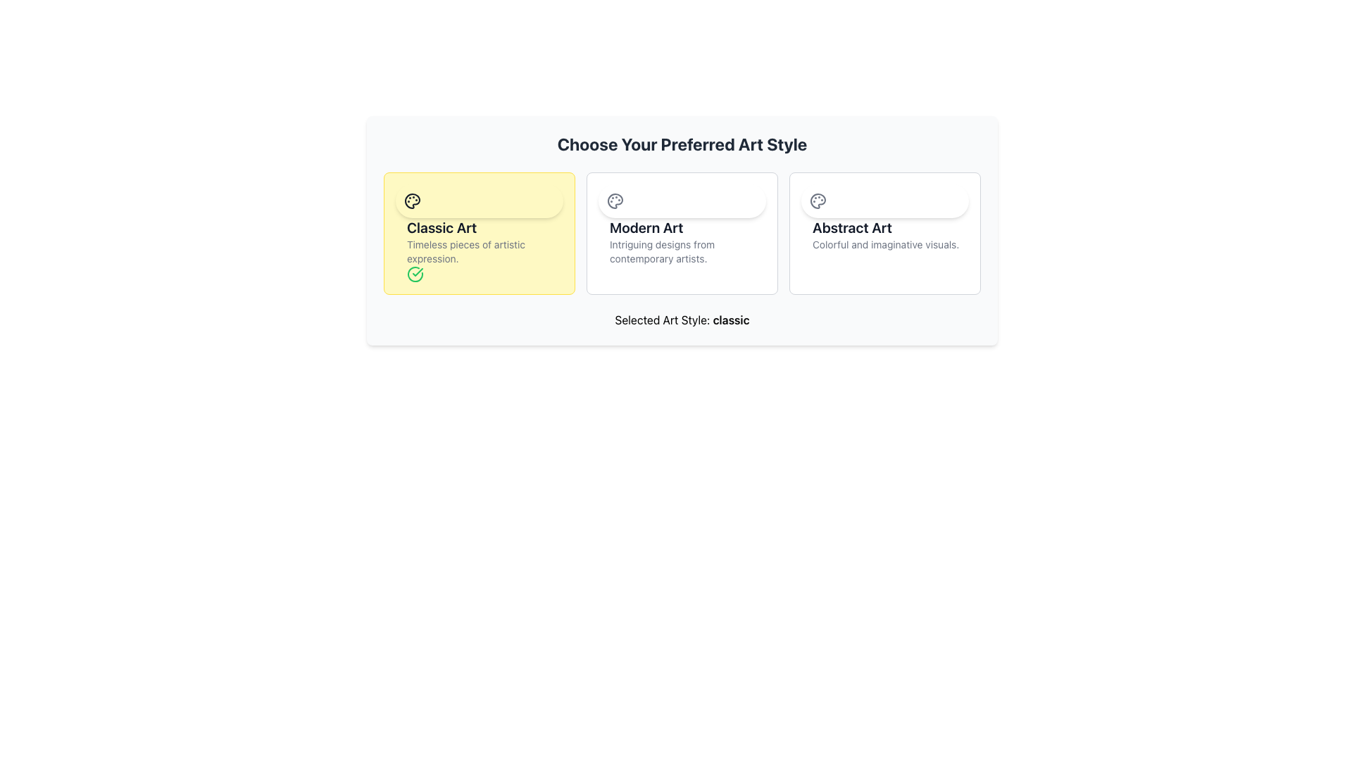 The height and width of the screenshot is (760, 1352). Describe the element at coordinates (615, 201) in the screenshot. I see `the 'Modern Art' selection button icon, which is centrally aligned in the middle option of a row of three art style choices` at that location.